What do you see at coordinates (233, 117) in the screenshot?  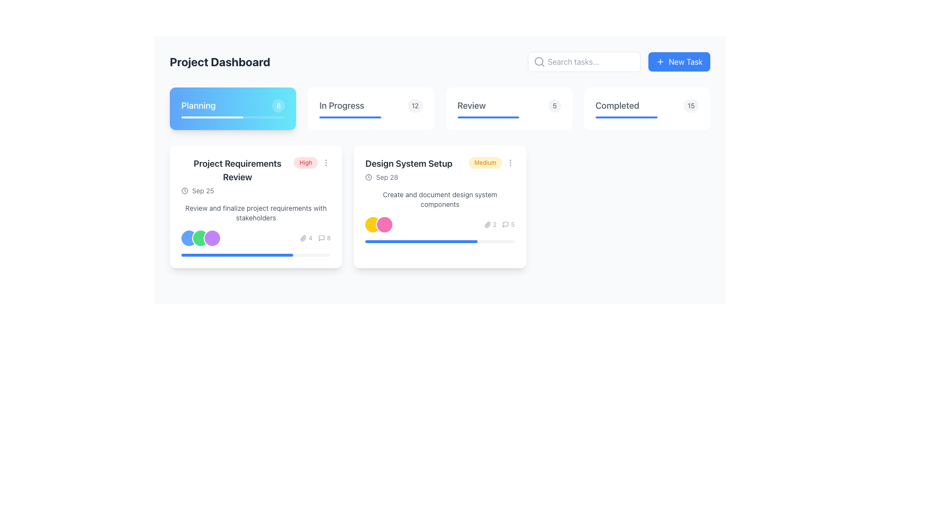 I see `the progress bar located within the 'Planning' card, positioned below the 'Planning8' text and spanning nearly the entire width of the card` at bounding box center [233, 117].